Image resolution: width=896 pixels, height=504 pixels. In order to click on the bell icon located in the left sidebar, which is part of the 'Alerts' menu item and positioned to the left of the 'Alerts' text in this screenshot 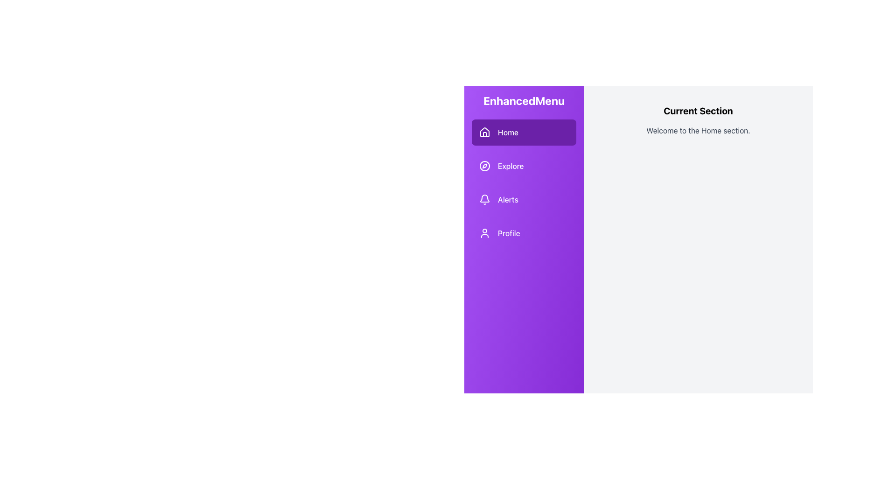, I will do `click(484, 199)`.